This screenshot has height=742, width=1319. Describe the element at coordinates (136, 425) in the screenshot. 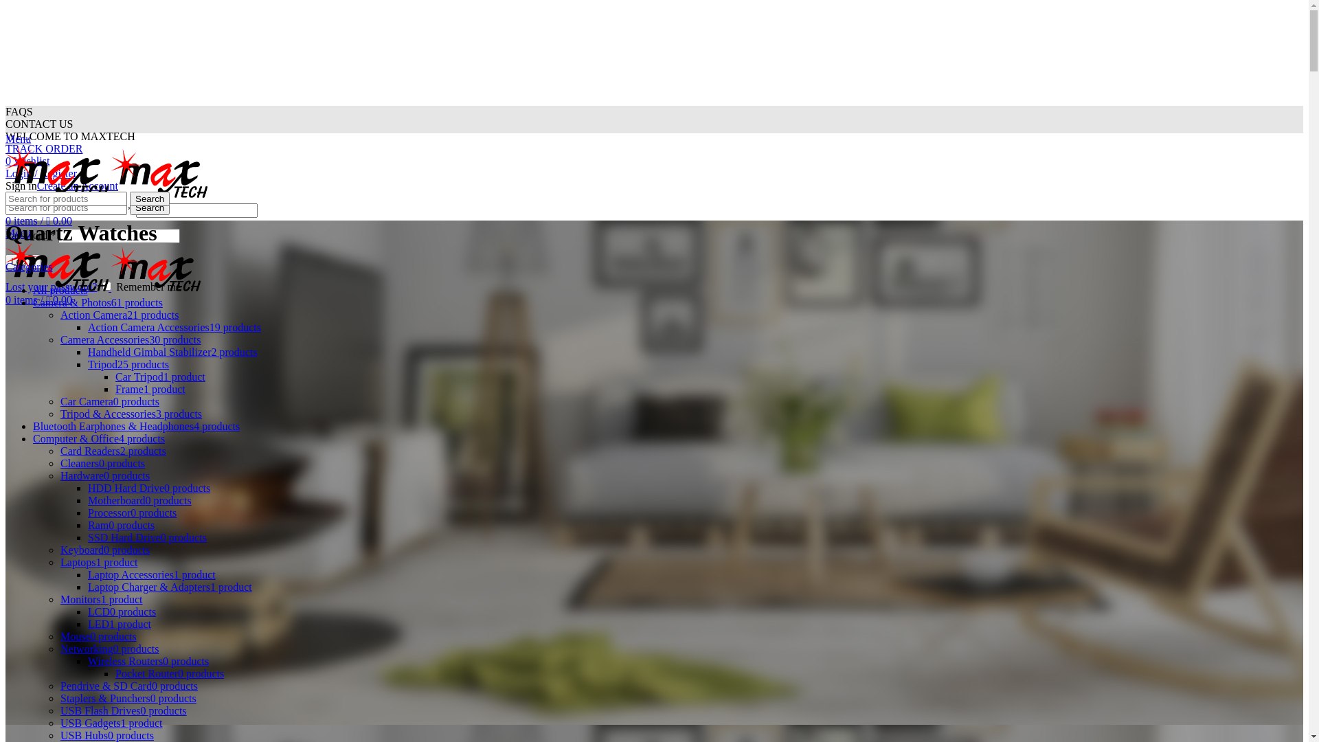

I see `'Bluetooth Earphones & Headphones4 products'` at that location.